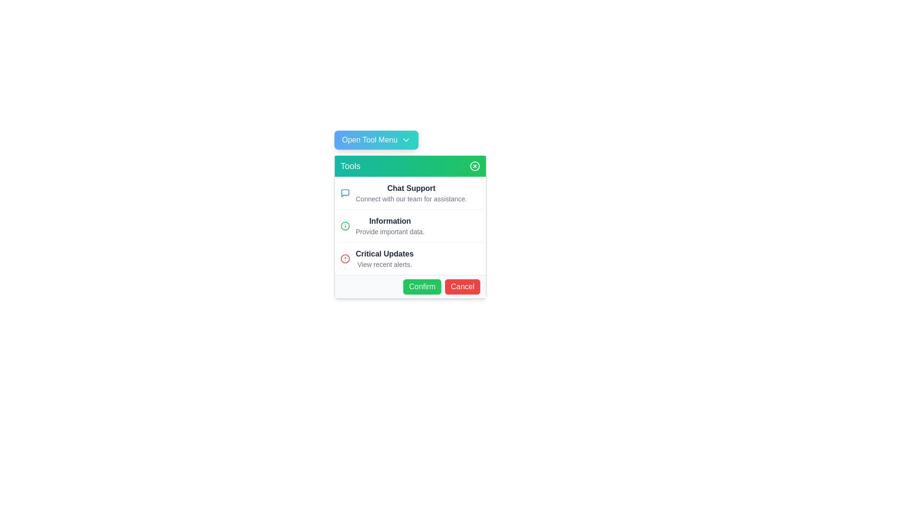 This screenshot has height=513, width=912. Describe the element at coordinates (475, 166) in the screenshot. I see `the circular close button with a green background and an X symbol located at the top-right corner of the 'Tools' header section` at that location.